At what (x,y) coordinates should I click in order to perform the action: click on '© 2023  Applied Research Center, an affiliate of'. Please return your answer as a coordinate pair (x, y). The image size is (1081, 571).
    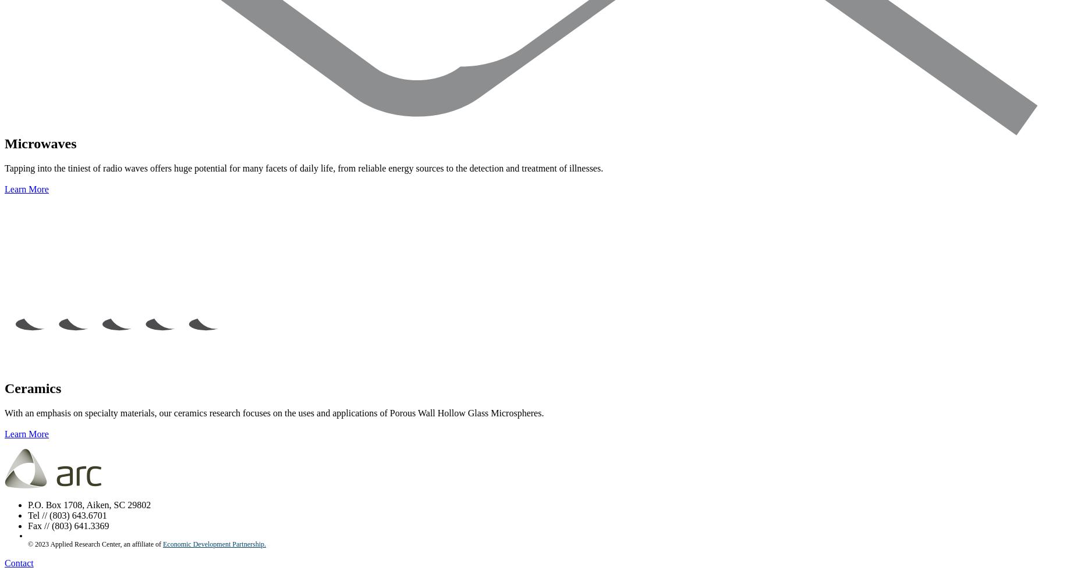
    Looking at the image, I should click on (95, 543).